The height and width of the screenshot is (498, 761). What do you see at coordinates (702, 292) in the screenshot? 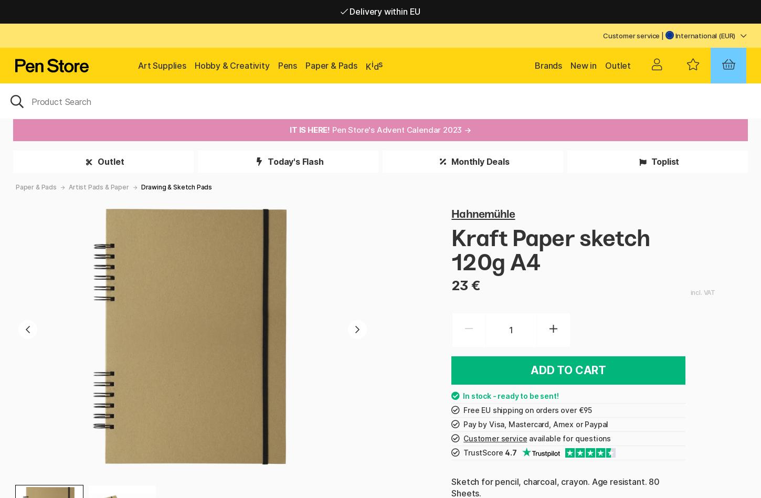
I see `'incl. VAT'` at bounding box center [702, 292].